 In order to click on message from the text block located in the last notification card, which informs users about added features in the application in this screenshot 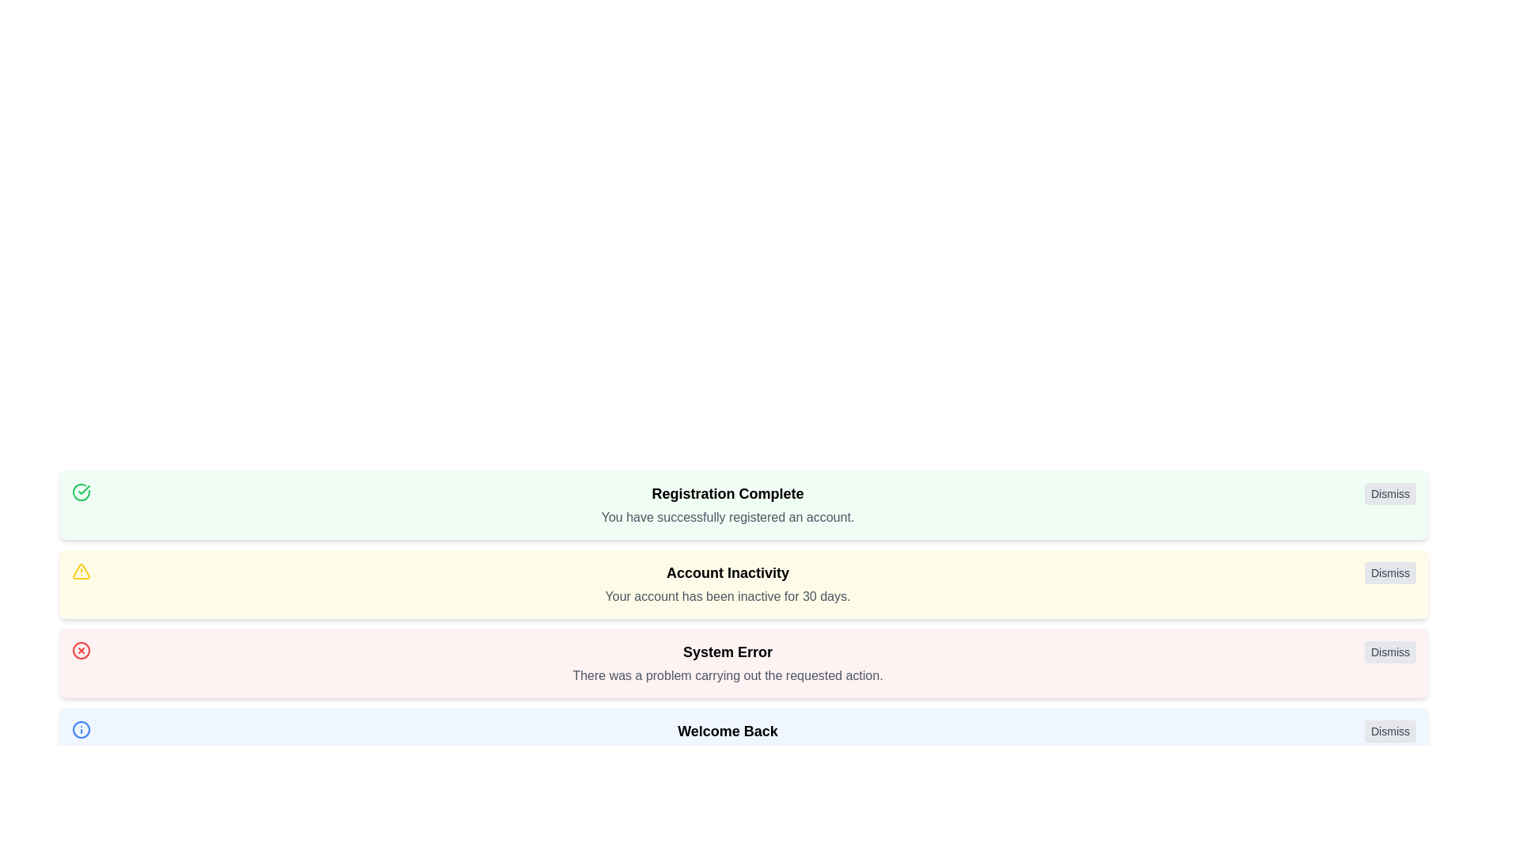, I will do `click(727, 742)`.